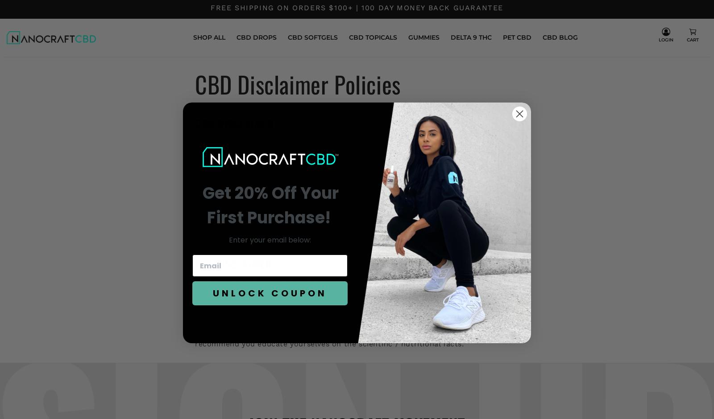 This screenshot has height=419, width=714. I want to click on 'The statements and products referred to throughout this site have not been evaluated by the FDA. They are not intended to diagnose, treat, cure or prevent any disease or condition. If you have a health condition or concern, consult a physician or your health care provider. Always consult a medical doctor before modifying your diet, using any new product, drug, supplement, or doing new exercises. We recommend you educate yourselves on the scientific / nutritional facts.', so click(356, 311).